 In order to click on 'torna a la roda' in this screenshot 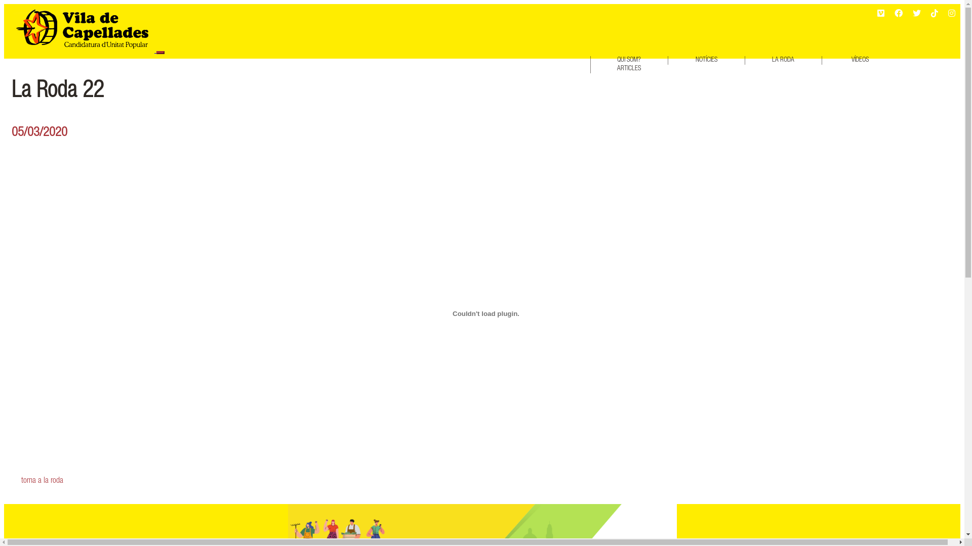, I will do `click(486, 481)`.